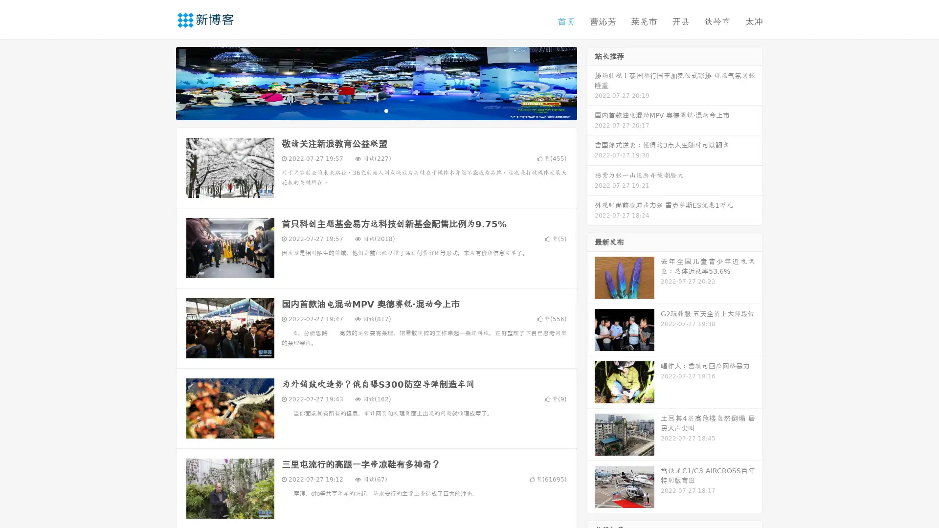 The image size is (939, 528). I want to click on Previous slide, so click(161, 82).